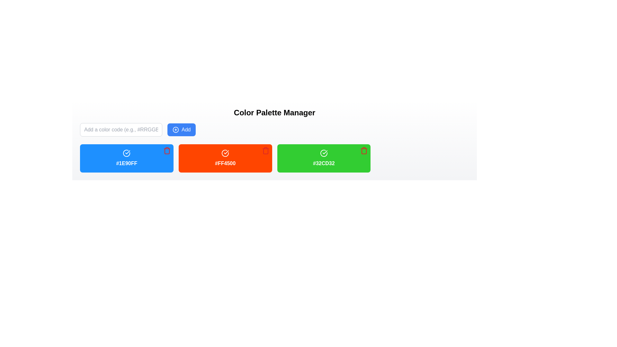  I want to click on the delete icon button located at the top-right corner of the green card labeled '#32CD32', so click(364, 151).